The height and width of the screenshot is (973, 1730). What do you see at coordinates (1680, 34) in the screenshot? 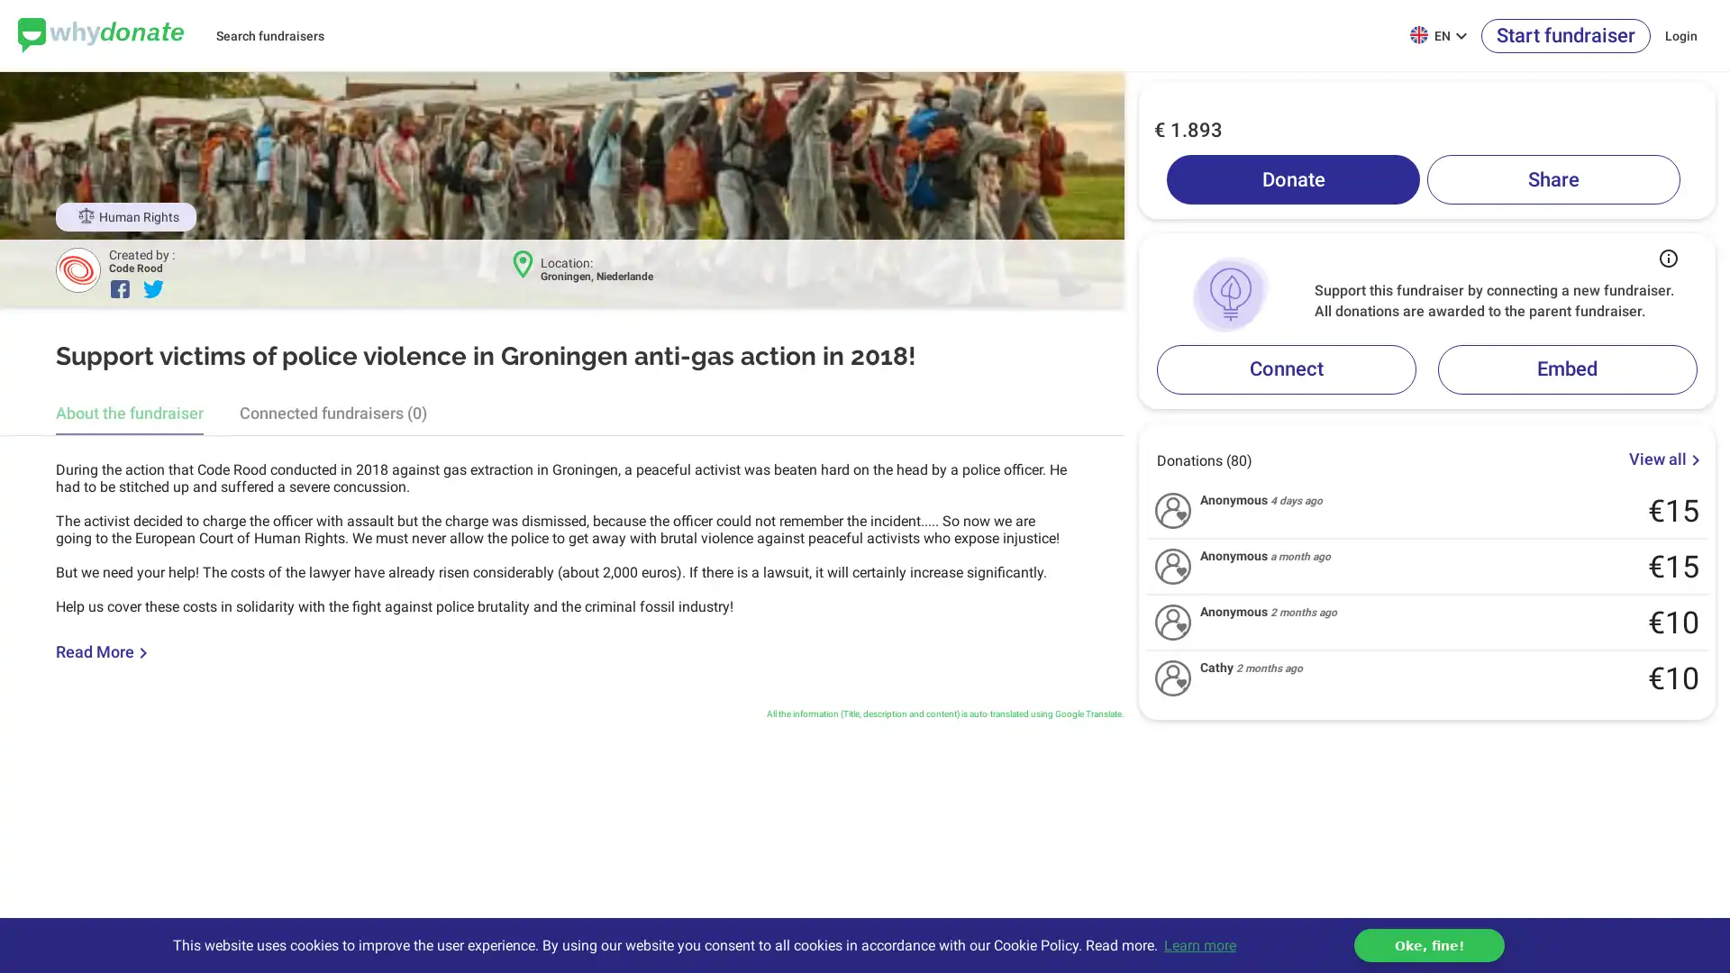
I see `Login` at bounding box center [1680, 34].